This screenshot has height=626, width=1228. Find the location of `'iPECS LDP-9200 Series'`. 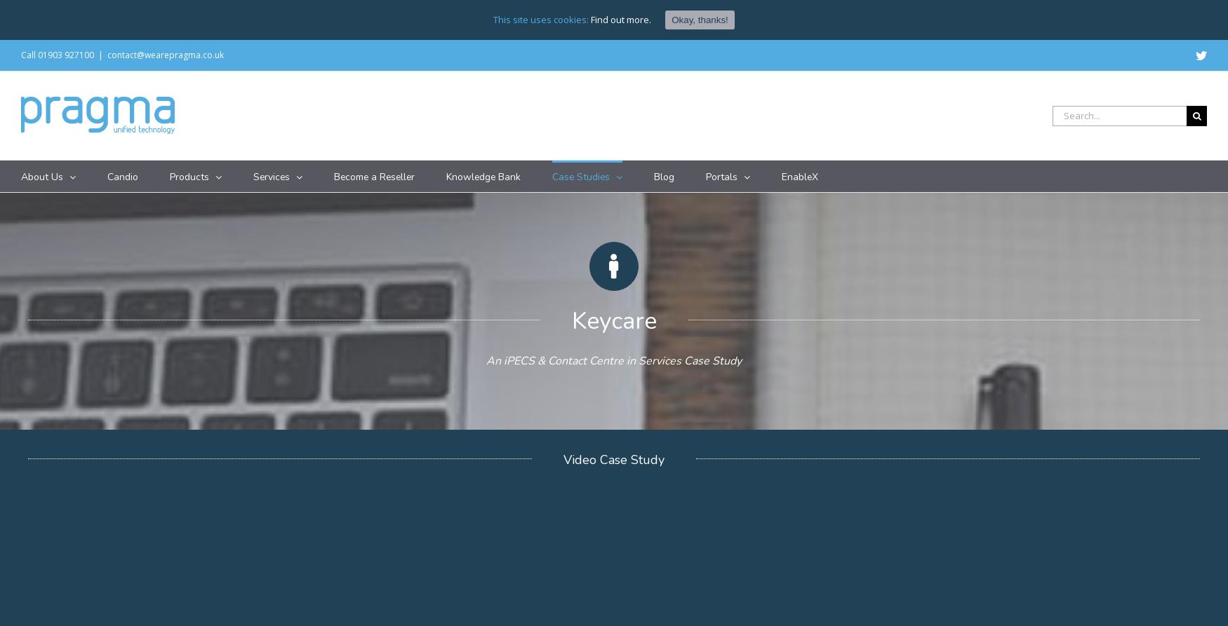

'iPECS LDP-9200 Series' is located at coordinates (356, 279).